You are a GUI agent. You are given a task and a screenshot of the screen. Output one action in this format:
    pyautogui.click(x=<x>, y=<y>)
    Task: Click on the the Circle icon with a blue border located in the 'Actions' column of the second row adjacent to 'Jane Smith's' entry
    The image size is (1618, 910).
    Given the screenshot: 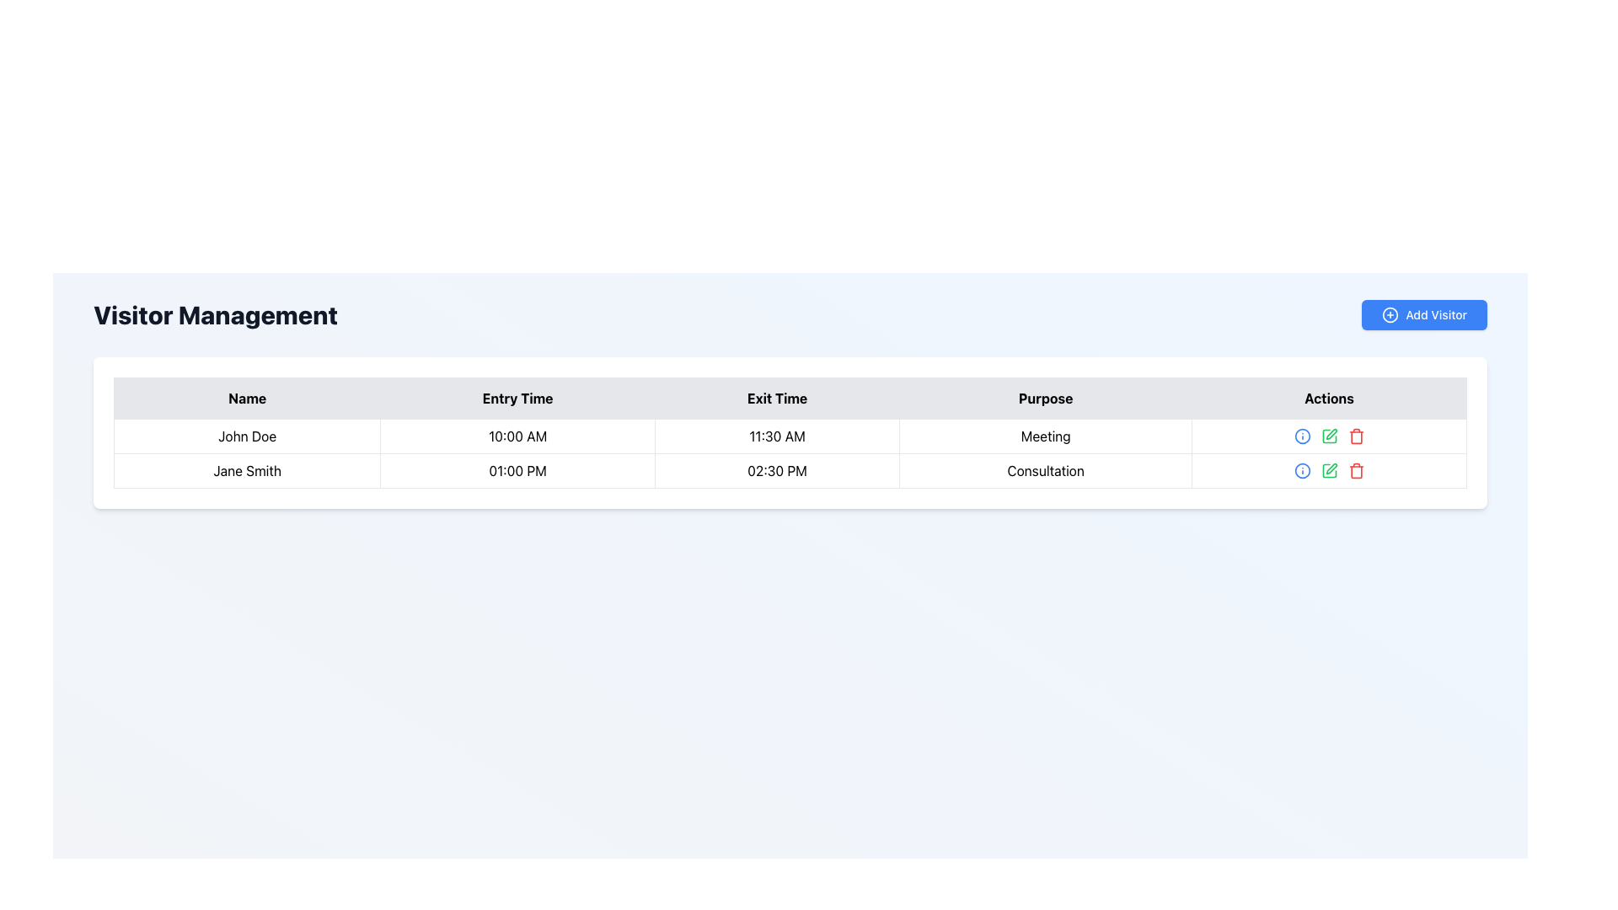 What is the action you would take?
    pyautogui.click(x=1301, y=471)
    